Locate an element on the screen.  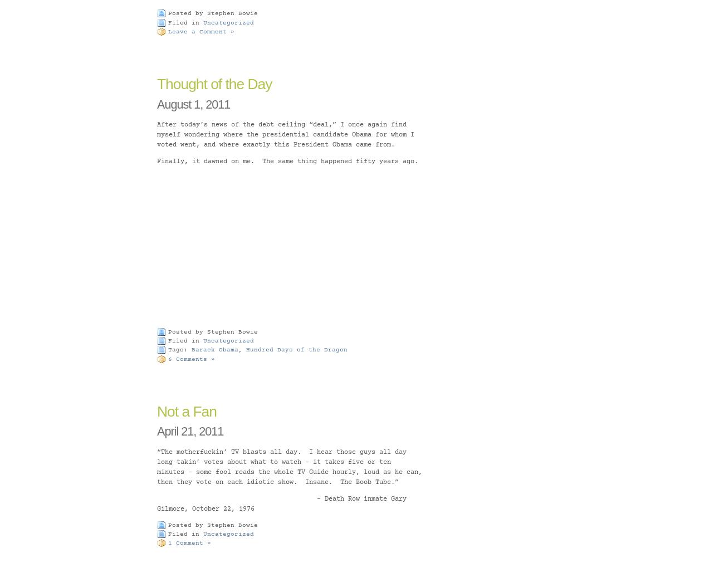
'– Death Row inmate Gary Gilmore, October 22, 1976' is located at coordinates (156, 503).